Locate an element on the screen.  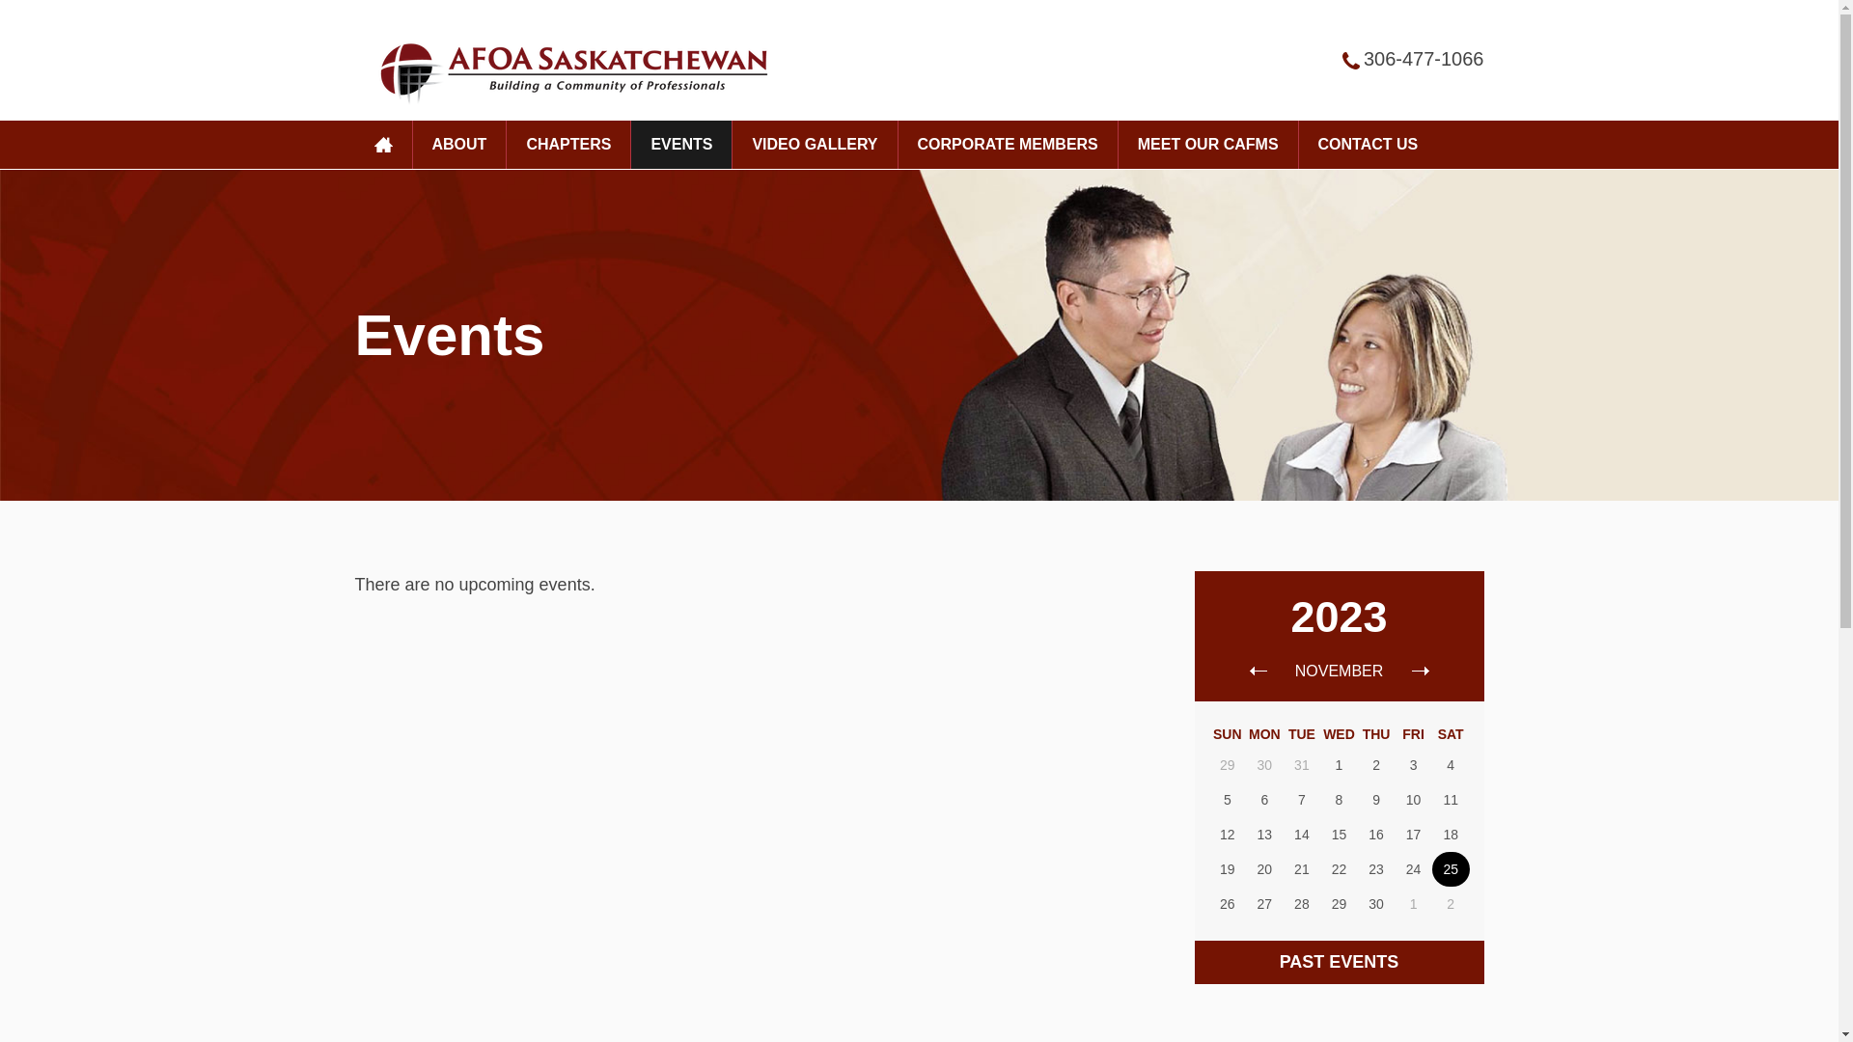
'CHAPTERS' is located at coordinates (567, 144).